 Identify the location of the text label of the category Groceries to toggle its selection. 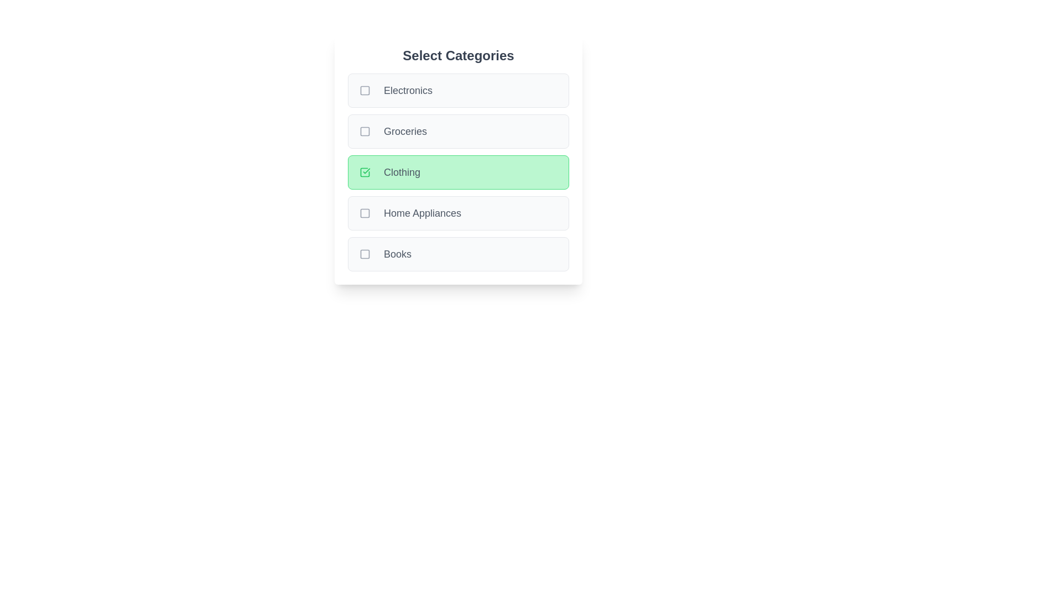
(405, 131).